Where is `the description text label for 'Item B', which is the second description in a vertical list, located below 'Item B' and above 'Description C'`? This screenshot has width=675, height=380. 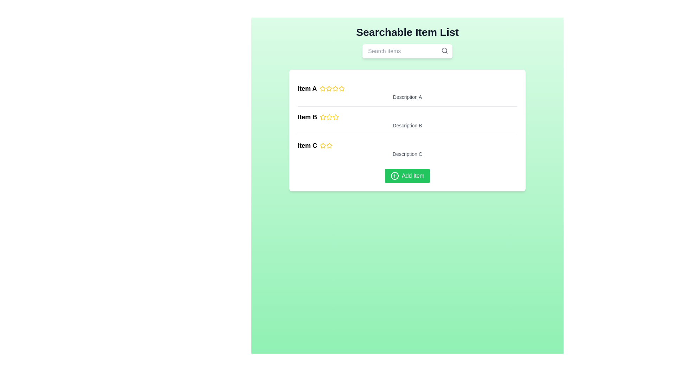 the description text label for 'Item B', which is the second description in a vertical list, located below 'Item B' and above 'Description C' is located at coordinates (407, 130).